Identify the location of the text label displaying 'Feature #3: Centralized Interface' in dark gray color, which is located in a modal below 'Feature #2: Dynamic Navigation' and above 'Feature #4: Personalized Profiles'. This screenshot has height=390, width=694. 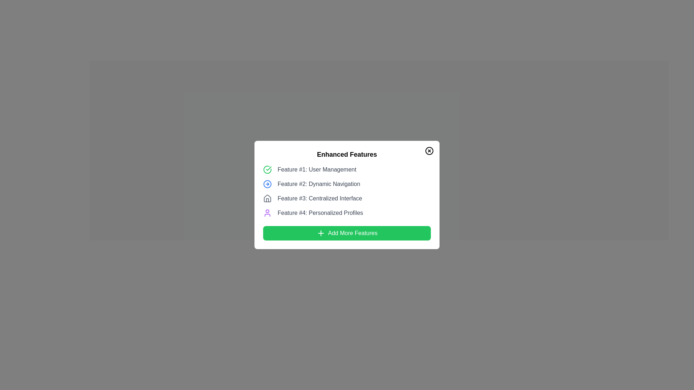
(319, 199).